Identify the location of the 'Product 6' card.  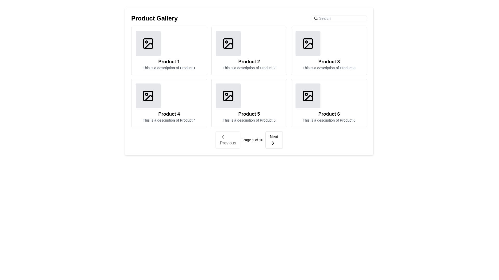
(329, 103).